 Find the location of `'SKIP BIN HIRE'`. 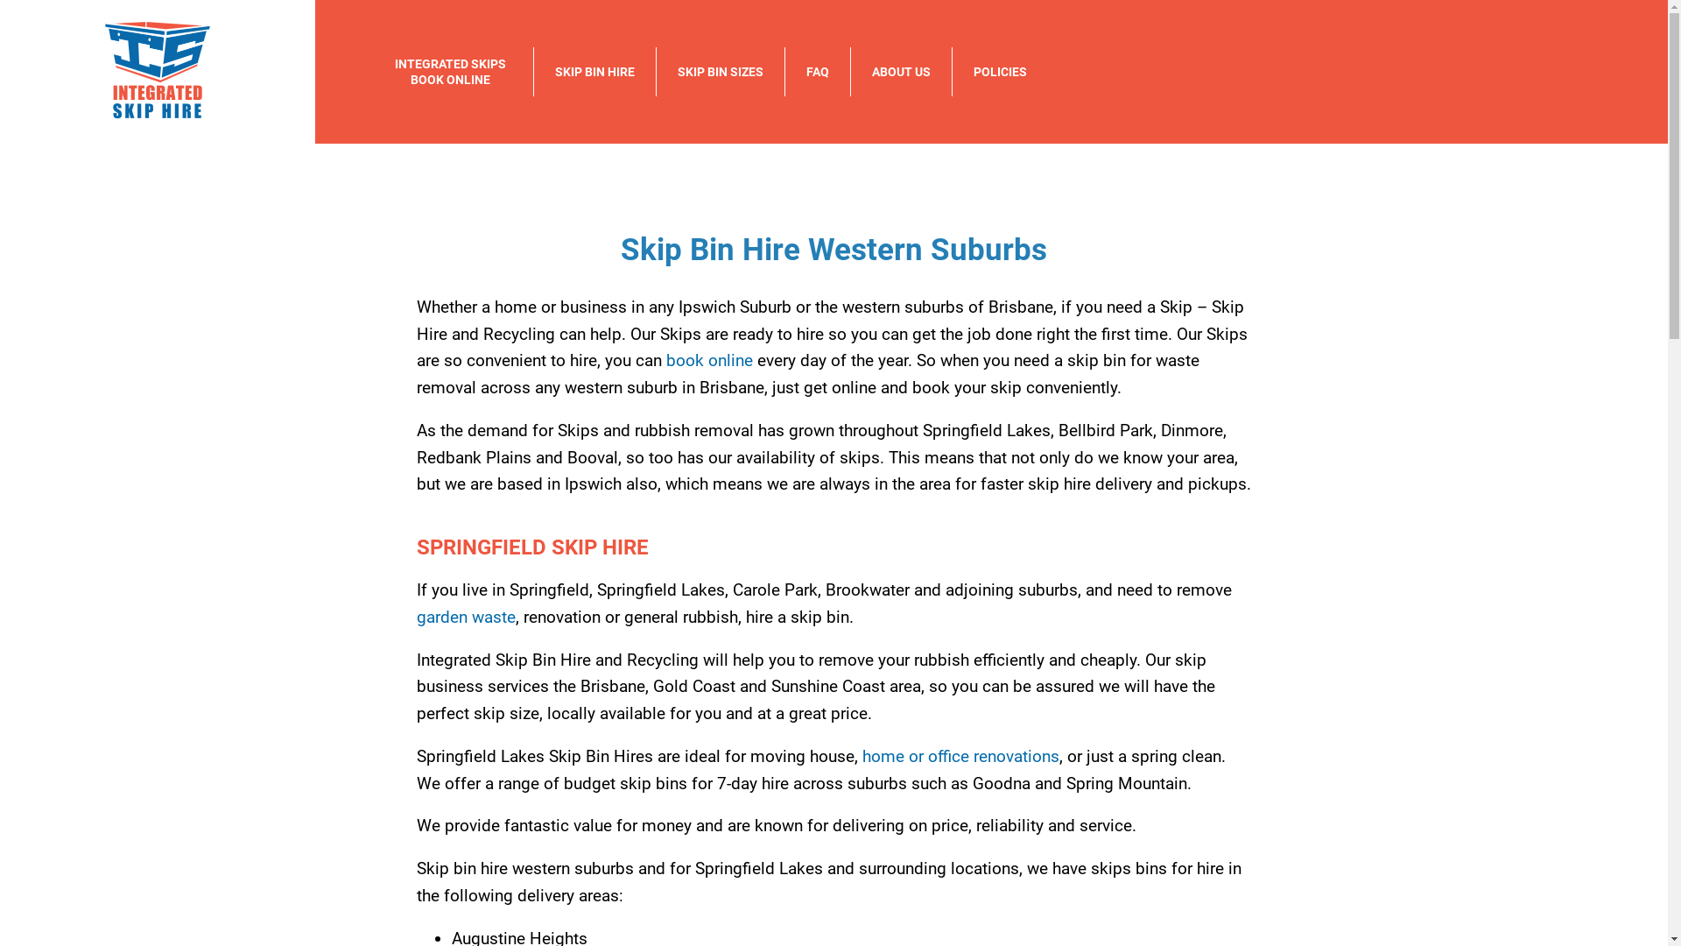

'SKIP BIN HIRE' is located at coordinates (594, 70).